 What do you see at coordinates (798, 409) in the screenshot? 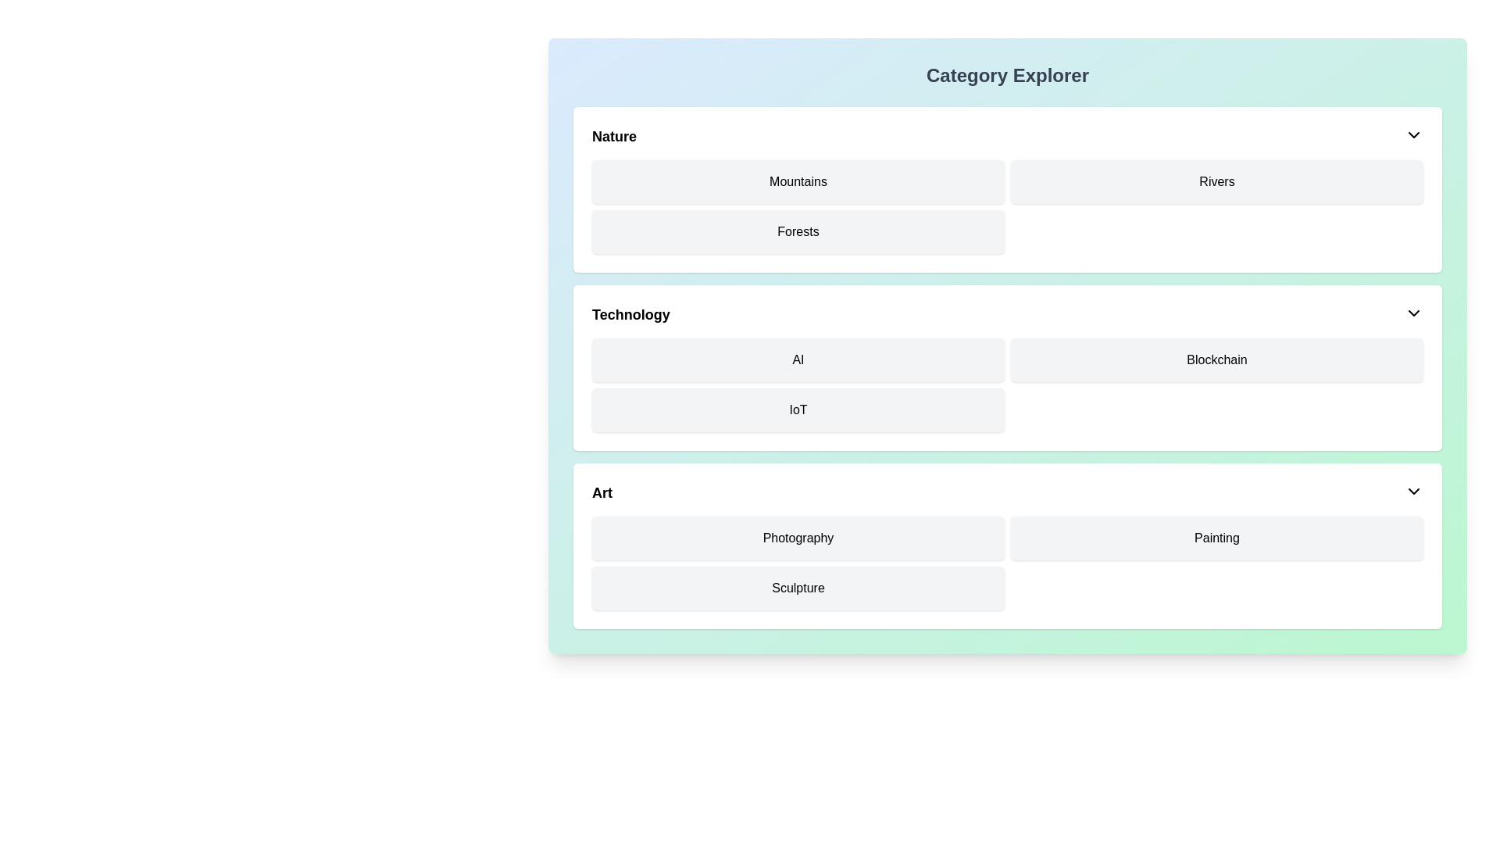
I see `the button labeled 'IoT' which is located in the bottom-left position under the 'Technology' category` at bounding box center [798, 409].